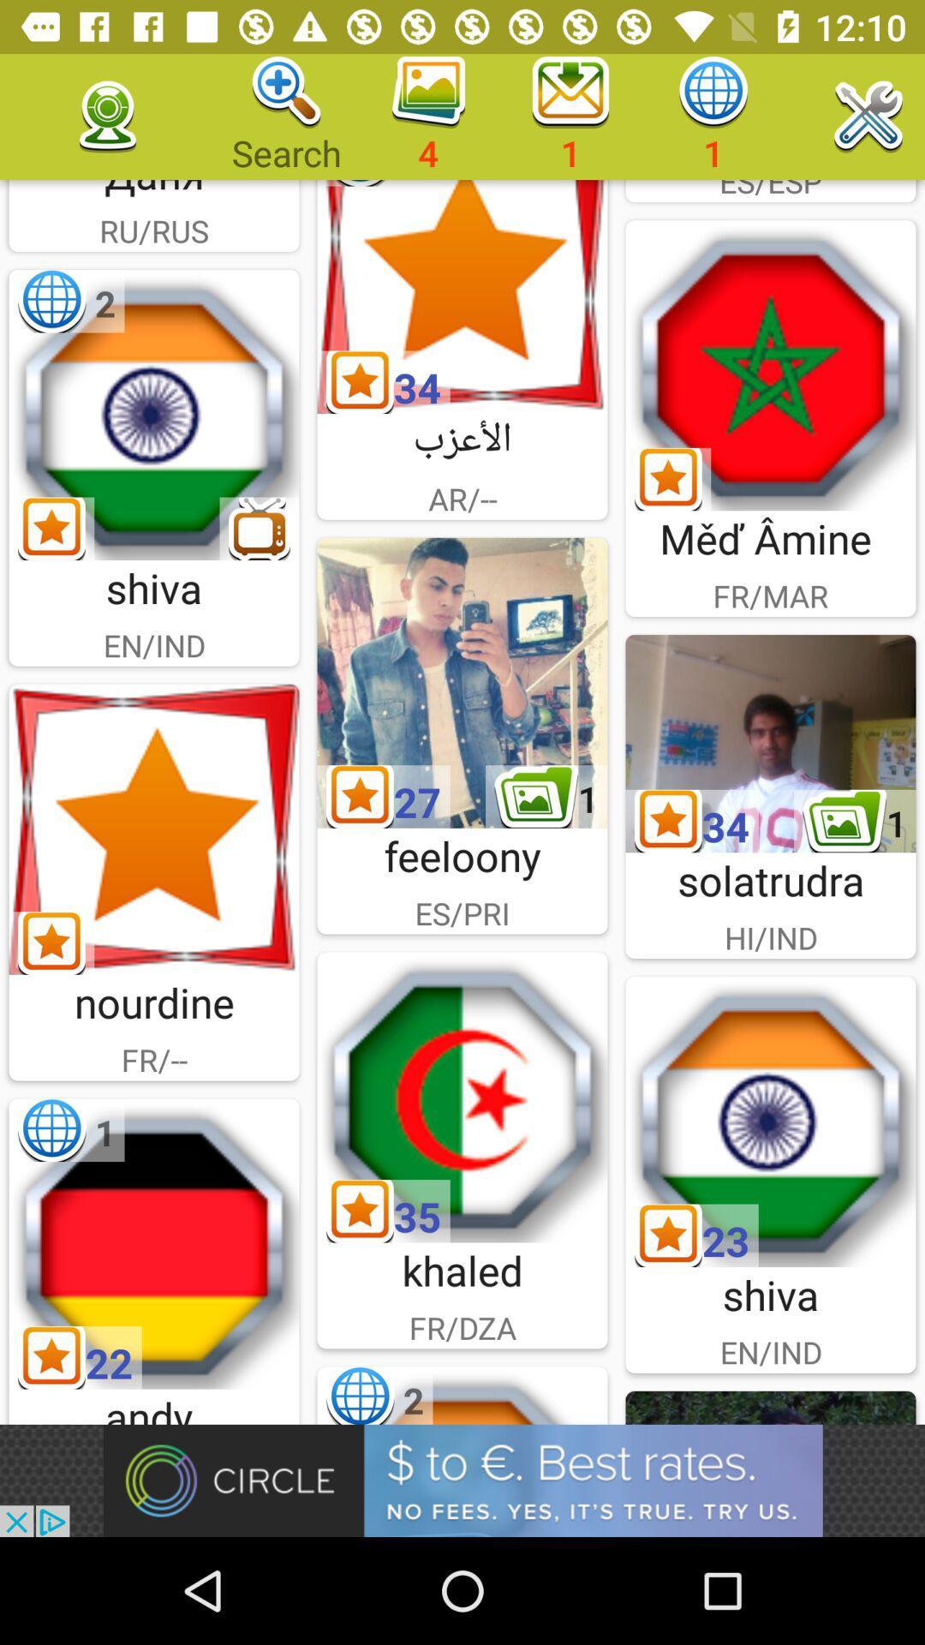  What do you see at coordinates (462, 296) in the screenshot?
I see `star` at bounding box center [462, 296].